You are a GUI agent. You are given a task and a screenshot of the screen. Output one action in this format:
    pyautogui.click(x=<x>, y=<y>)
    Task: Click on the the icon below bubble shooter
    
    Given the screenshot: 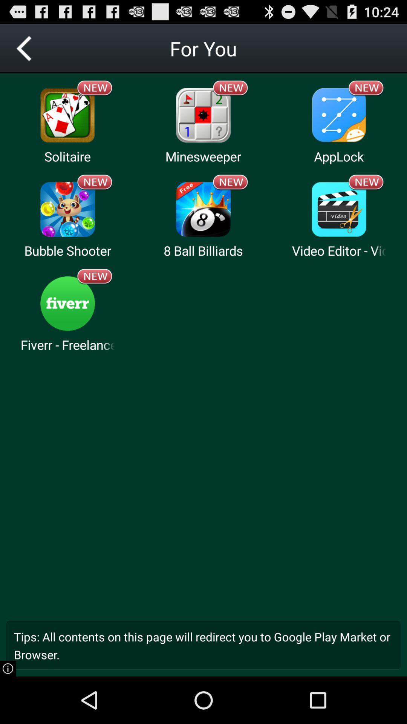 What is the action you would take?
    pyautogui.click(x=67, y=304)
    